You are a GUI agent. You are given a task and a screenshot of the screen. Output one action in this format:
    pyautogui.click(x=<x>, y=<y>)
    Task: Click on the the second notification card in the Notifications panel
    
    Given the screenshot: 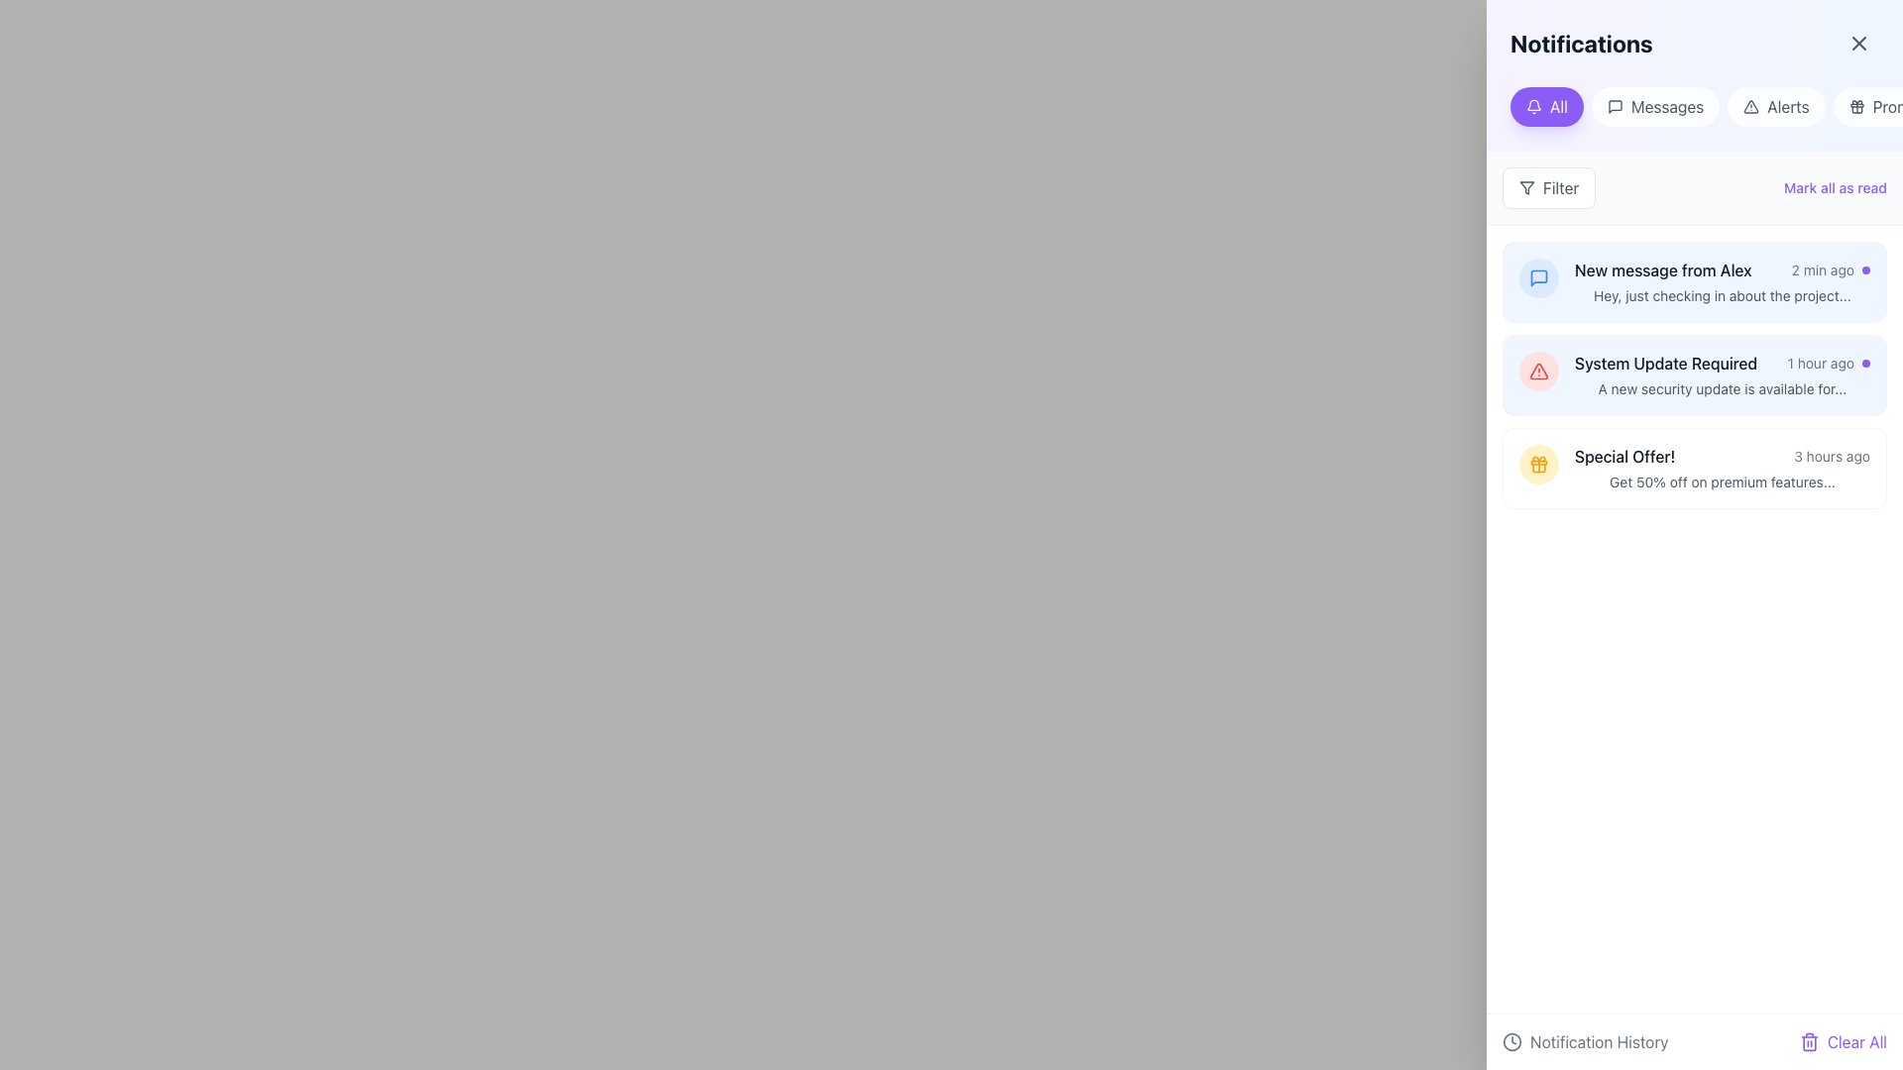 What is the action you would take?
    pyautogui.click(x=1693, y=374)
    